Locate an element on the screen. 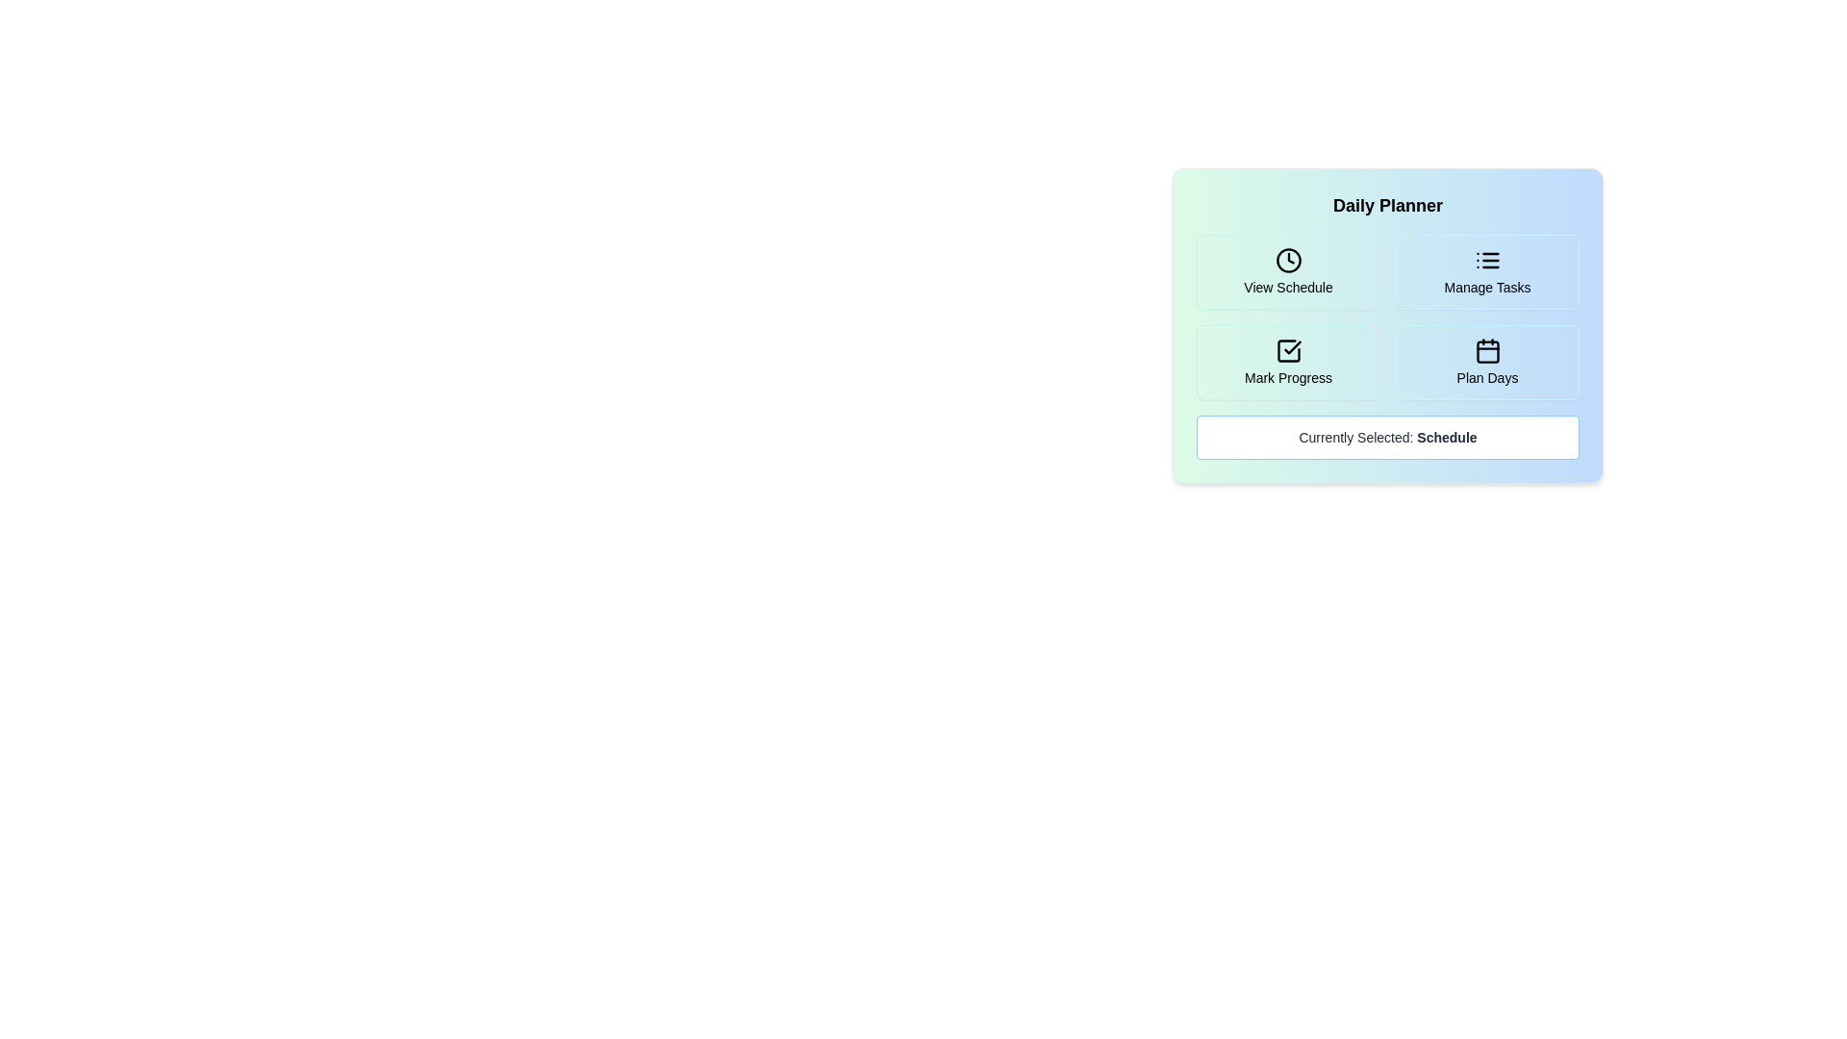 The height and width of the screenshot is (1039, 1847). the button corresponding to the activity Mark Progress is located at coordinates (1288, 363).